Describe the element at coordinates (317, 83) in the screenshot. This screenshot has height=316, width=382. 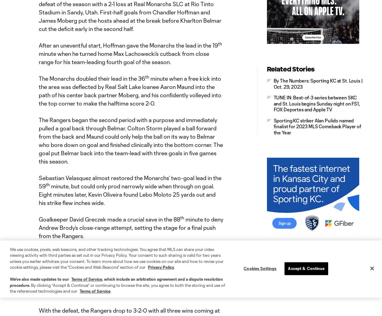
I see `'By The Numbers: Sporting KC at St. Louis | Oct. 29, 2023'` at that location.